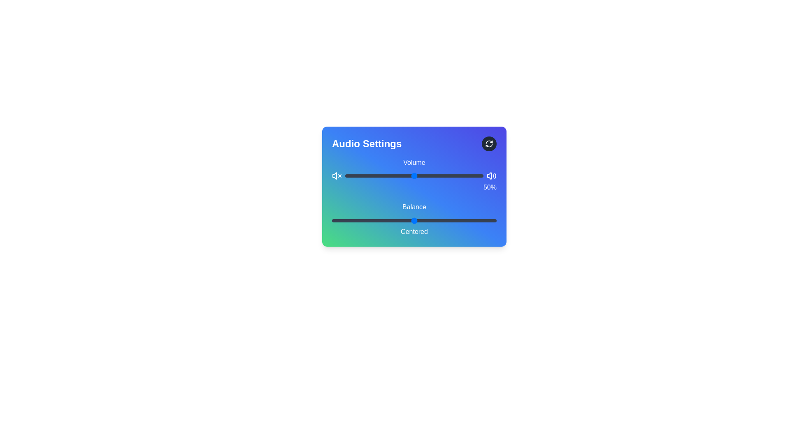  I want to click on the balance slider, so click(401, 220).